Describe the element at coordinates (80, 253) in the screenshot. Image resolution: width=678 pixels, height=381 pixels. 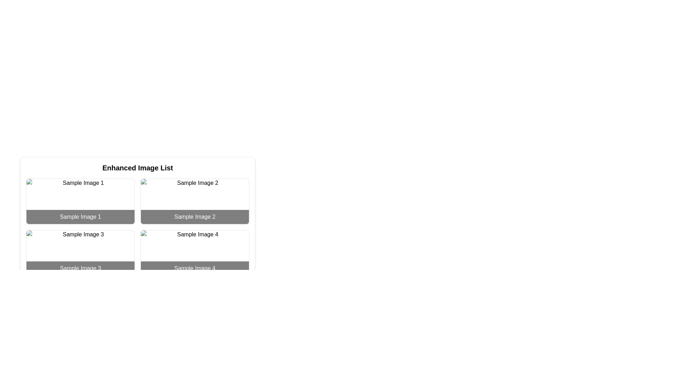
I see `the Image Card displaying 'Sample Image 3' which is positioned in the first column of the second row of a 2-column grid layout` at that location.